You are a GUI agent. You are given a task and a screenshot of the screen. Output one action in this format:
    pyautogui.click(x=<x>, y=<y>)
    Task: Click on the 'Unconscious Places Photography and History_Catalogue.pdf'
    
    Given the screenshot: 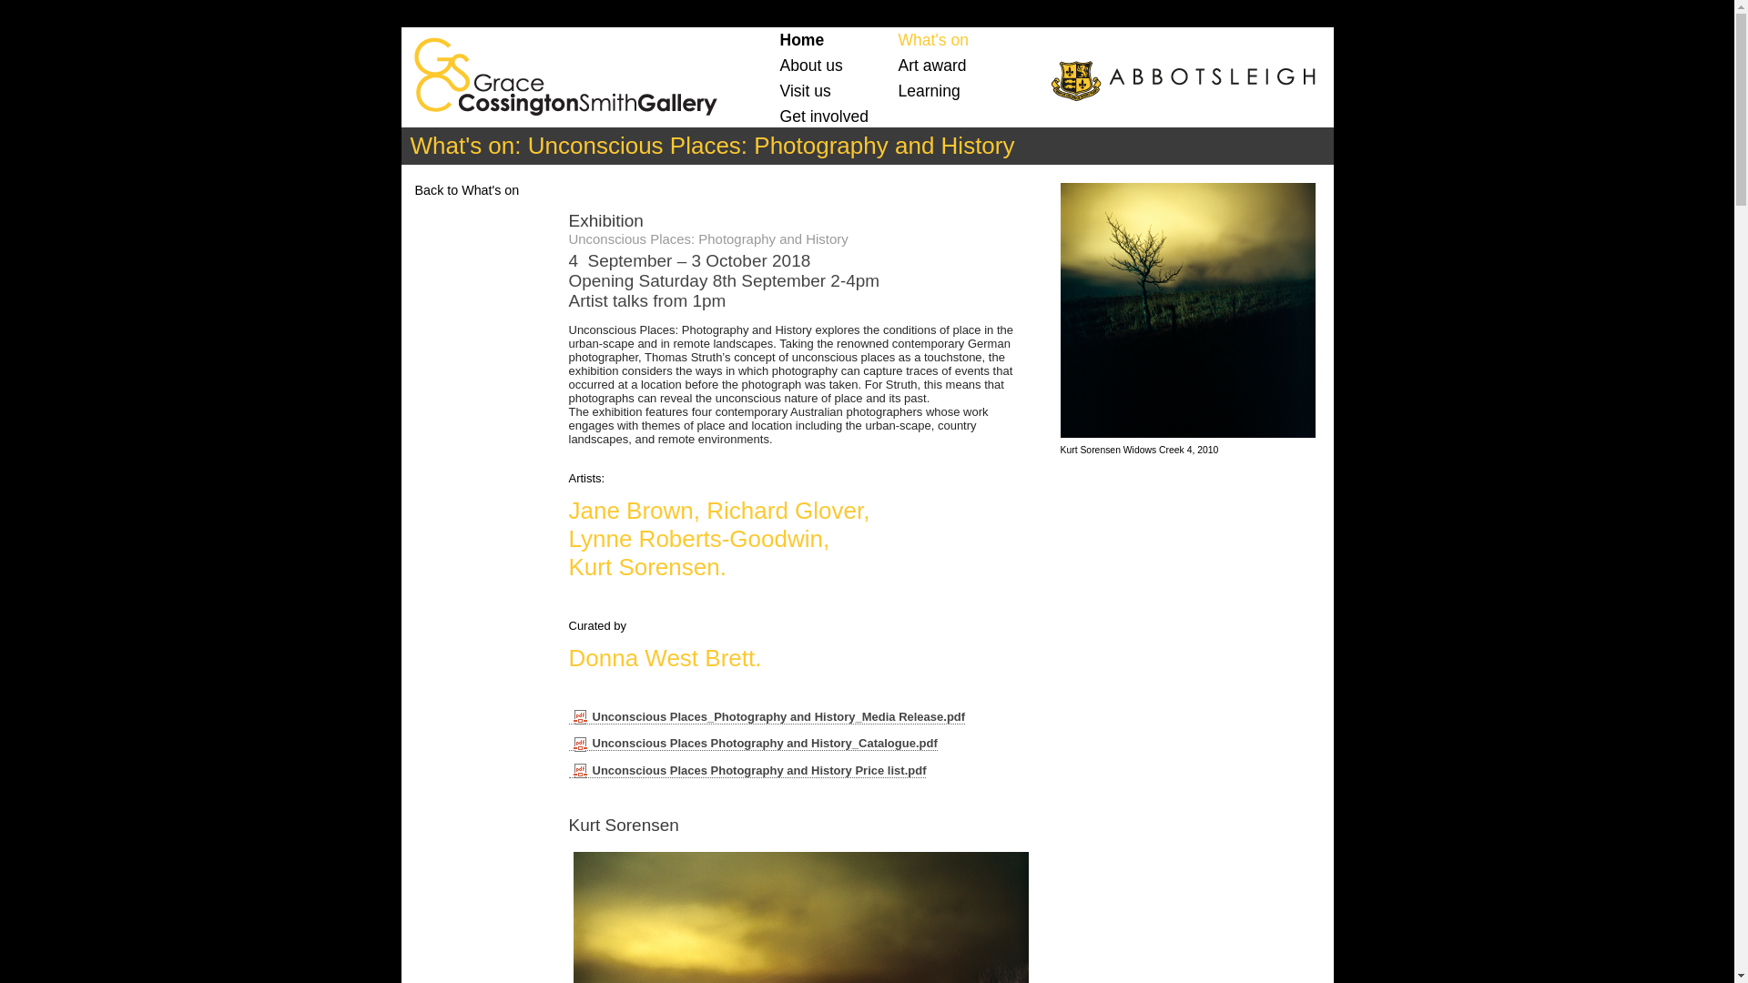 What is the action you would take?
    pyautogui.click(x=752, y=744)
    